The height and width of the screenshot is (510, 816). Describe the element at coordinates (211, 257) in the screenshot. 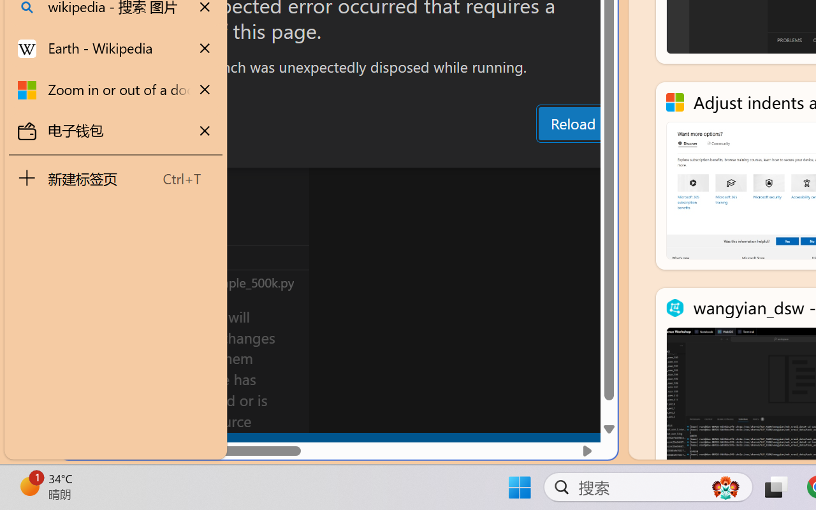

I see `'Outline Section'` at that location.